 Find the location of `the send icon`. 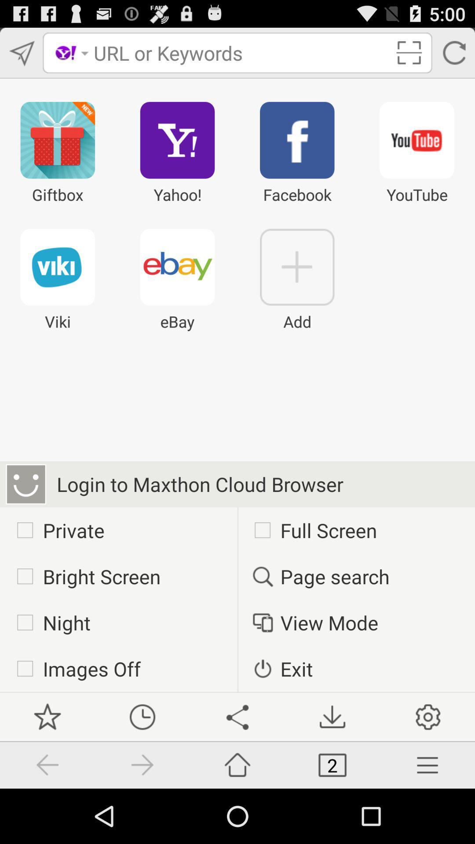

the send icon is located at coordinates (21, 56).